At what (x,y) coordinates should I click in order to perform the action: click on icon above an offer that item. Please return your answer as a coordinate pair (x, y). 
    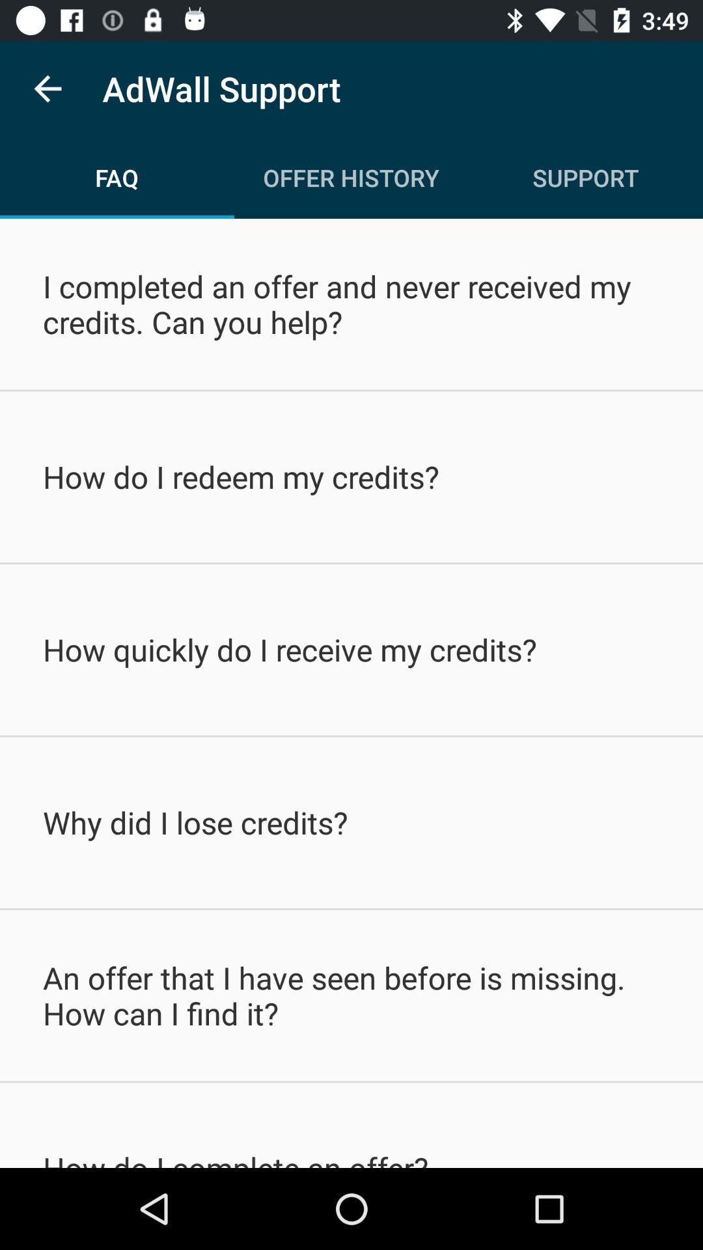
    Looking at the image, I should click on (351, 822).